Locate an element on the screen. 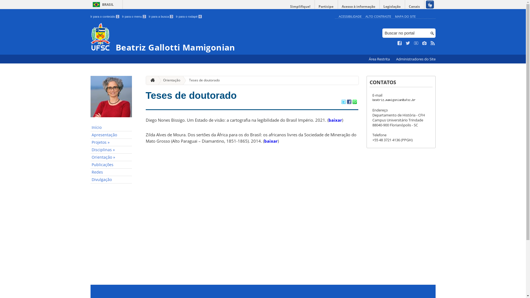  'Canais' is located at coordinates (415, 6).